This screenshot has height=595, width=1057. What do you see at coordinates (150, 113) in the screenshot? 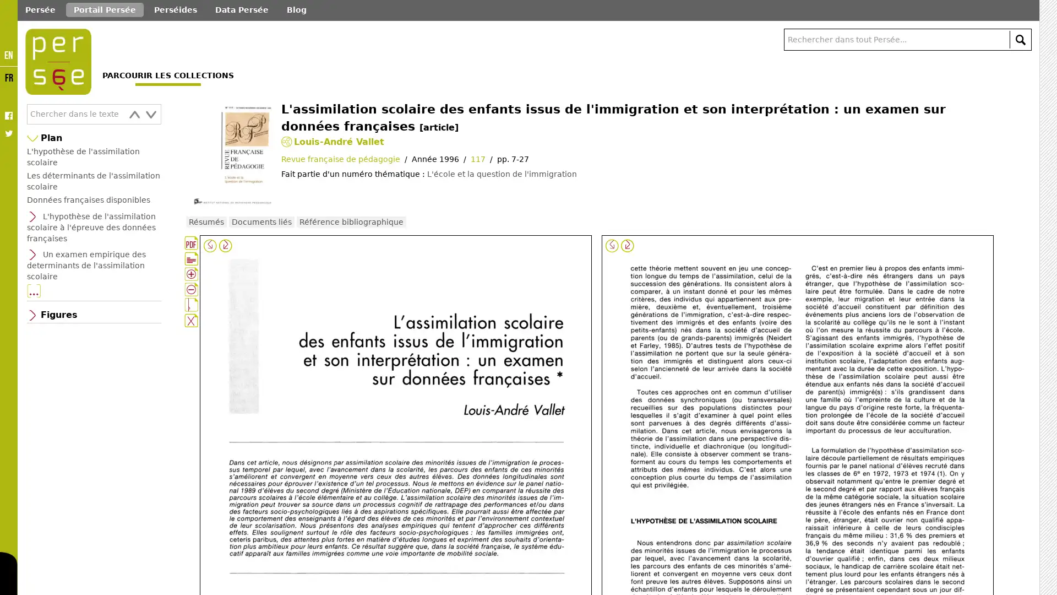
I see `next` at bounding box center [150, 113].